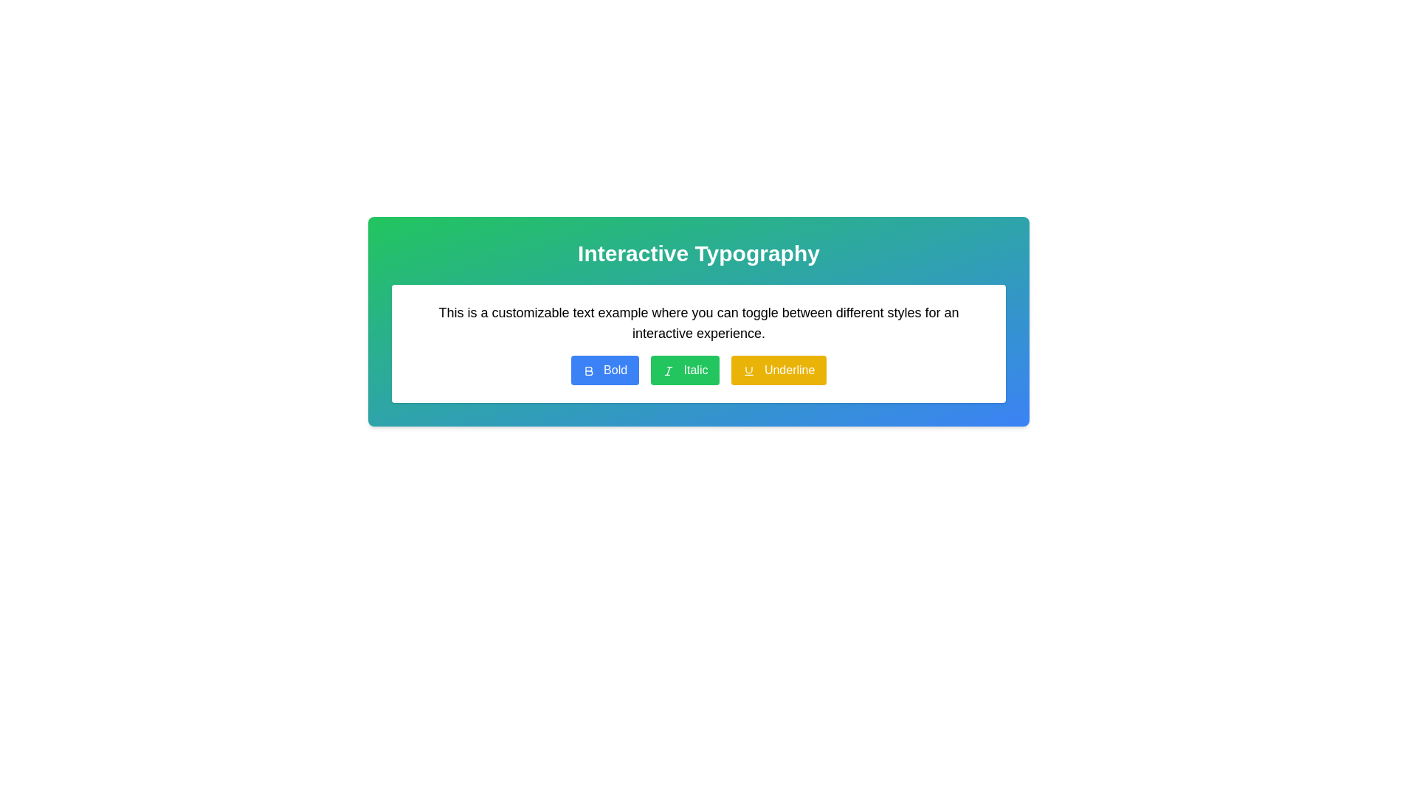 Image resolution: width=1417 pixels, height=797 pixels. I want to click on the static text element at the top of the interface section, which serves as a heading for the interactive typography section, so click(697, 252).